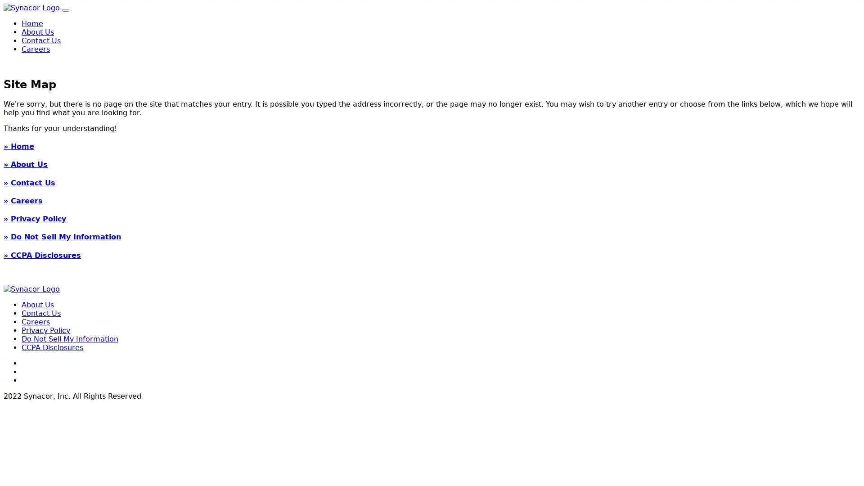 This screenshot has height=486, width=864. What do you see at coordinates (65, 10) in the screenshot?
I see `Toggle navigation` at bounding box center [65, 10].